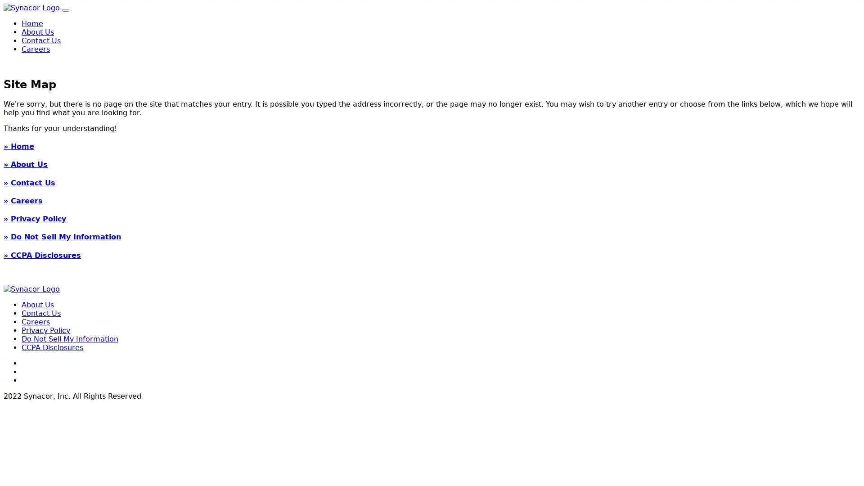 This screenshot has height=486, width=864. What do you see at coordinates (65, 10) in the screenshot?
I see `Toggle navigation` at bounding box center [65, 10].